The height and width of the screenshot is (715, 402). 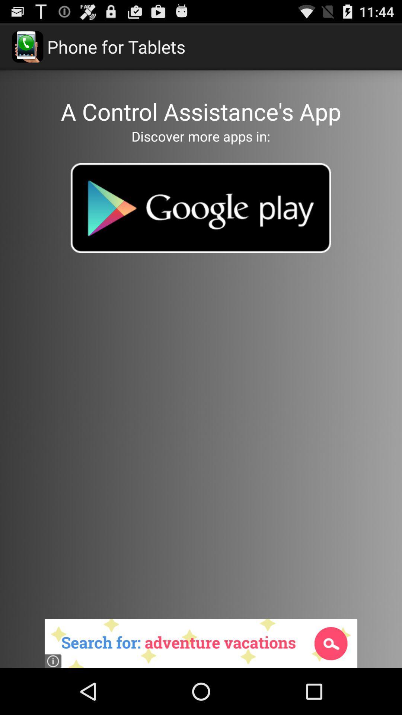 I want to click on the item at the bottom, so click(x=201, y=643).